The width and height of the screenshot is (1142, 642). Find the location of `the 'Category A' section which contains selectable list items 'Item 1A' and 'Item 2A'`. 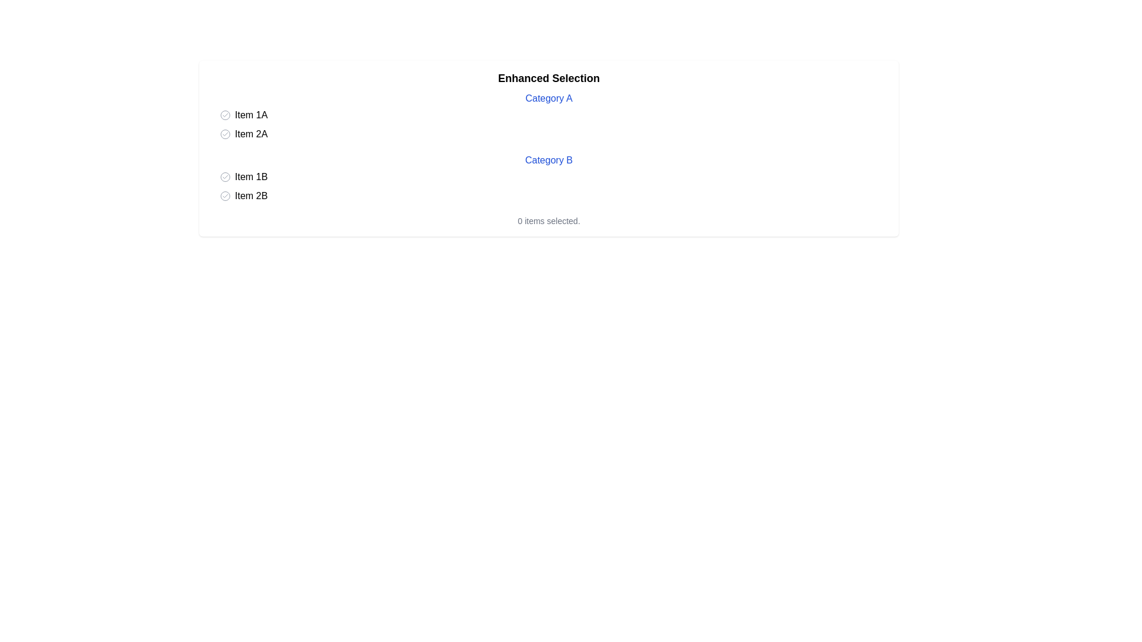

the 'Category A' section which contains selectable list items 'Item 1A' and 'Item 2A' is located at coordinates (548, 117).